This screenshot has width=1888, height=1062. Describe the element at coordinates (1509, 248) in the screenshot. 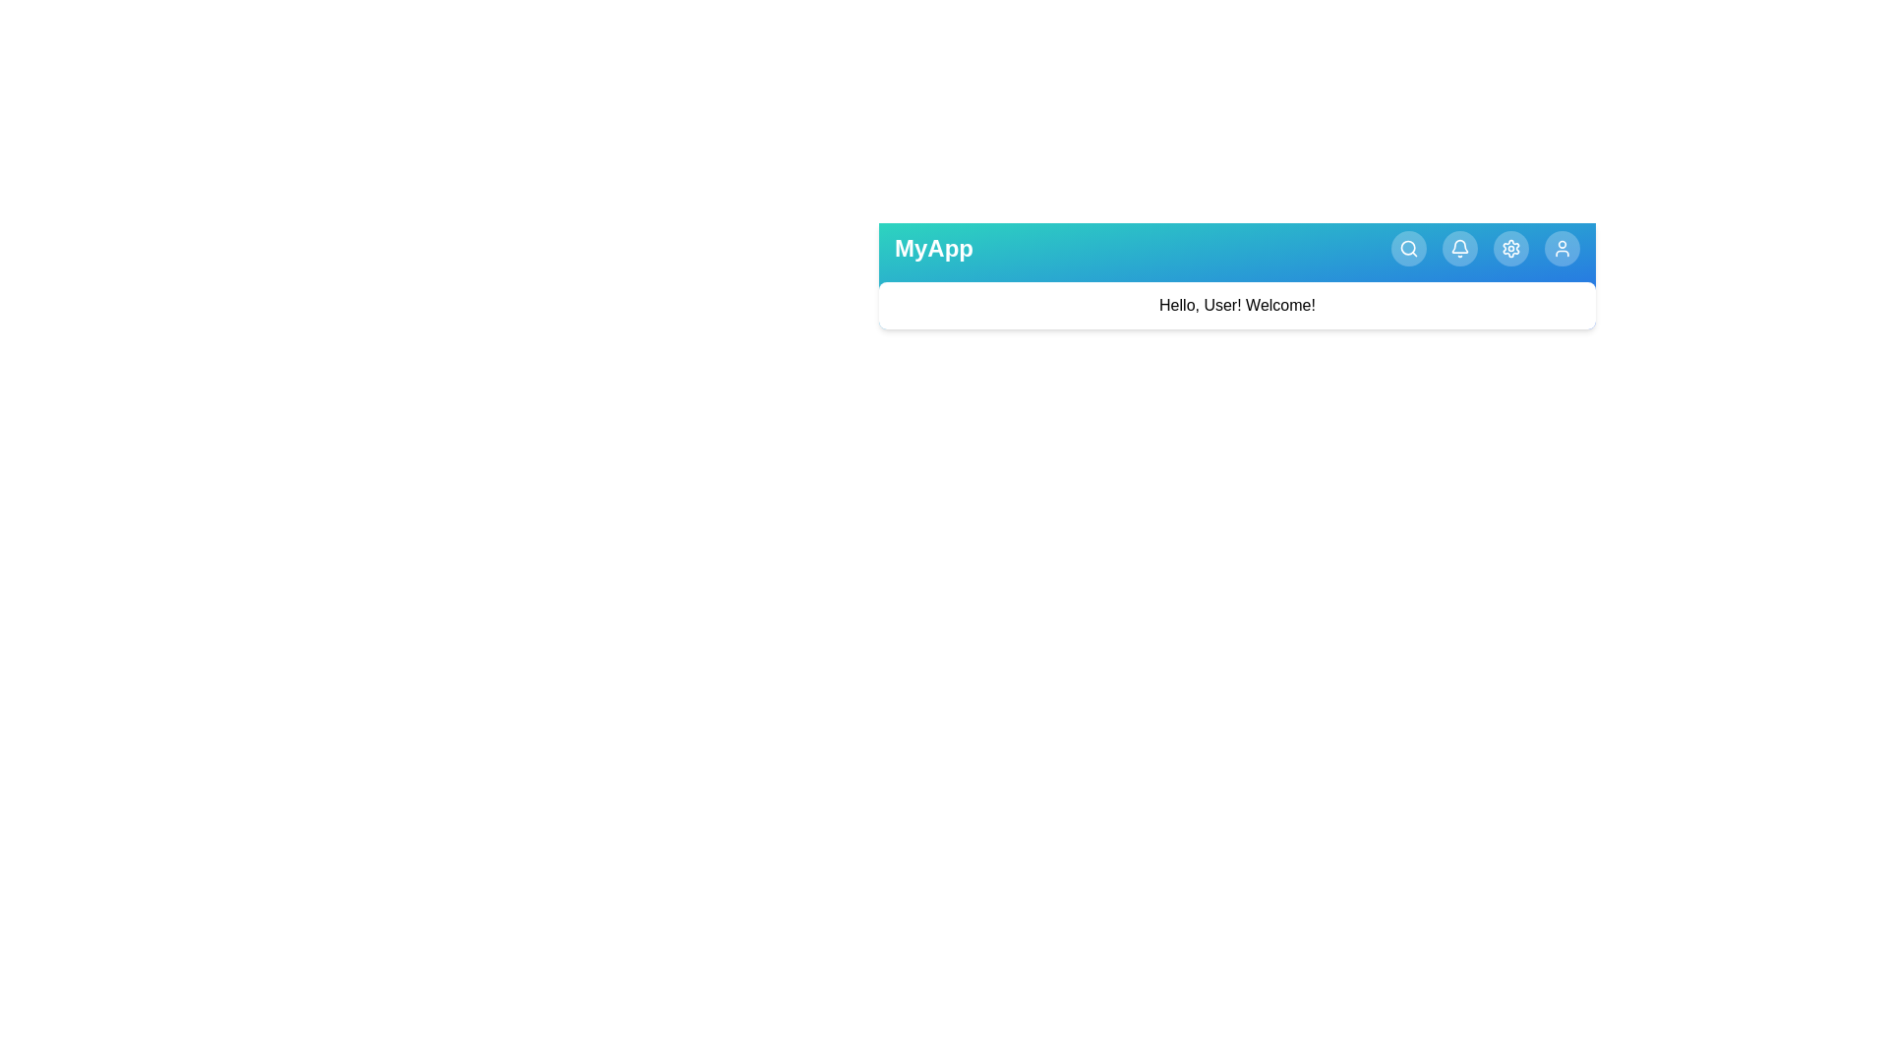

I see `the settings button in the navigation bar` at that location.